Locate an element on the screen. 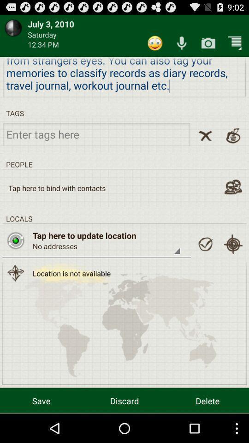 This screenshot has width=249, height=443. remove tag is located at coordinates (205, 135).